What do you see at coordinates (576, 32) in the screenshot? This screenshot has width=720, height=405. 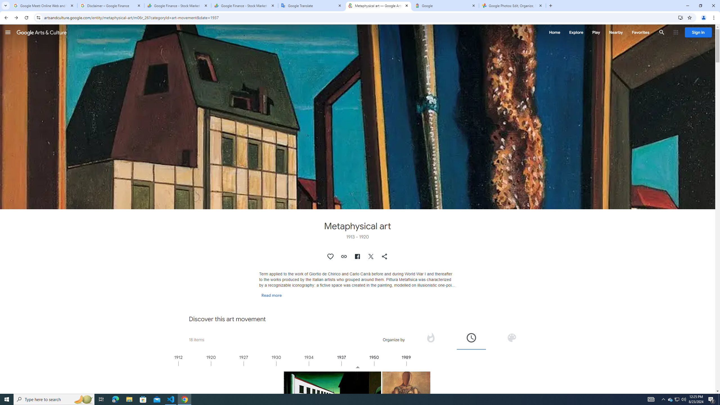 I see `'Explore'` at bounding box center [576, 32].